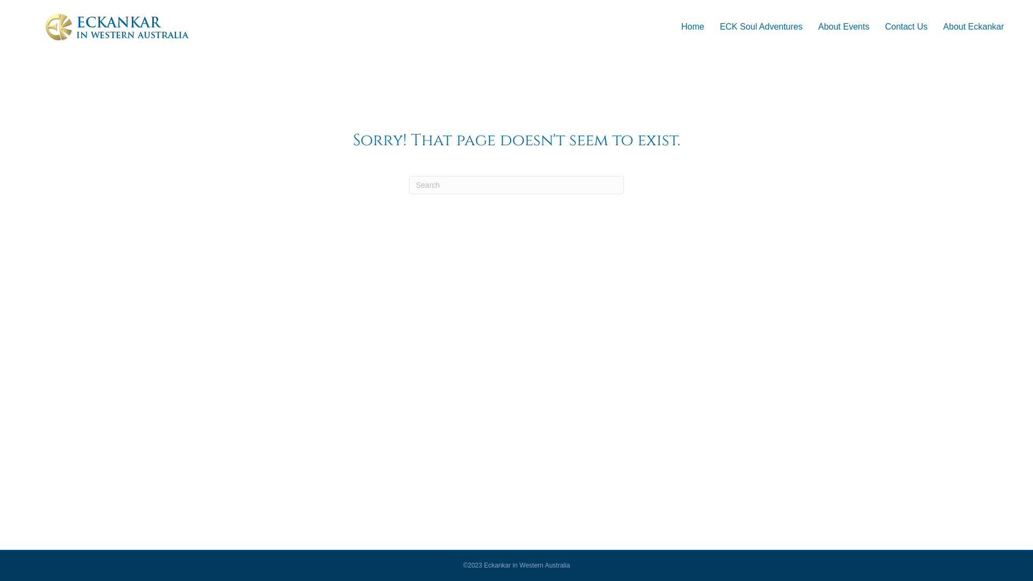 The image size is (1033, 581). I want to click on 'ECK Soul Adventures', so click(712, 26).